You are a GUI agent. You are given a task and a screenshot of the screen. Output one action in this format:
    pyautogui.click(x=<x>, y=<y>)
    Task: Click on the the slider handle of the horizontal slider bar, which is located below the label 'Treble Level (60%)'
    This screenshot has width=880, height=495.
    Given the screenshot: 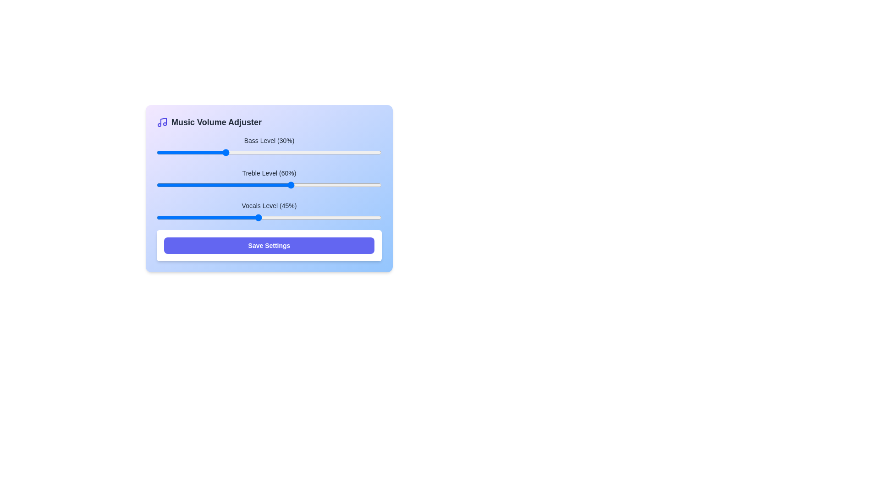 What is the action you would take?
    pyautogui.click(x=269, y=185)
    